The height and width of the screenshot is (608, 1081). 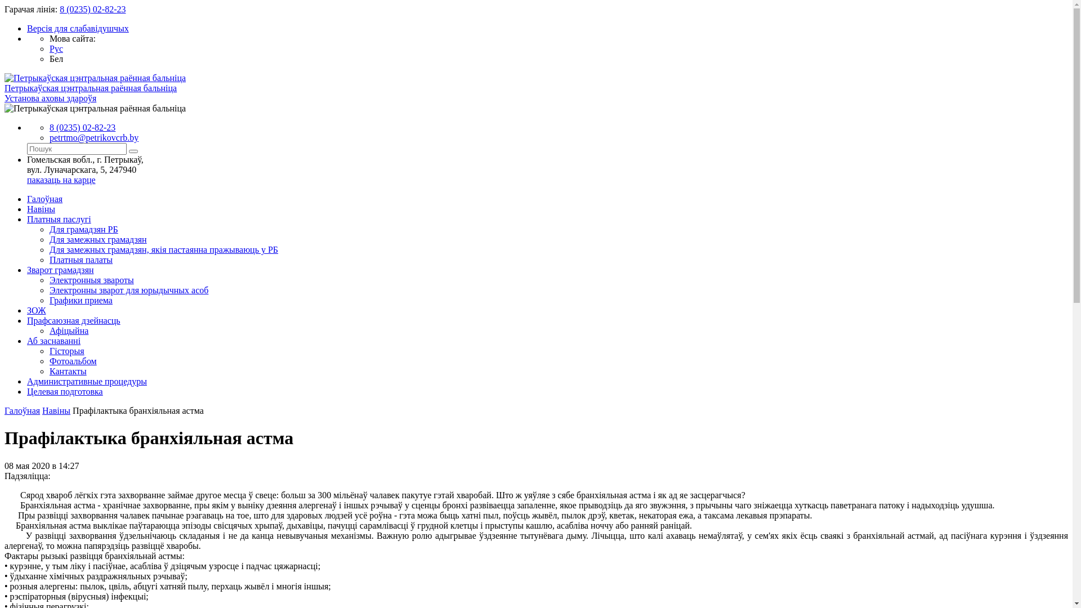 I want to click on 'petrtmo@petrikovcrb.by', so click(x=94, y=137).